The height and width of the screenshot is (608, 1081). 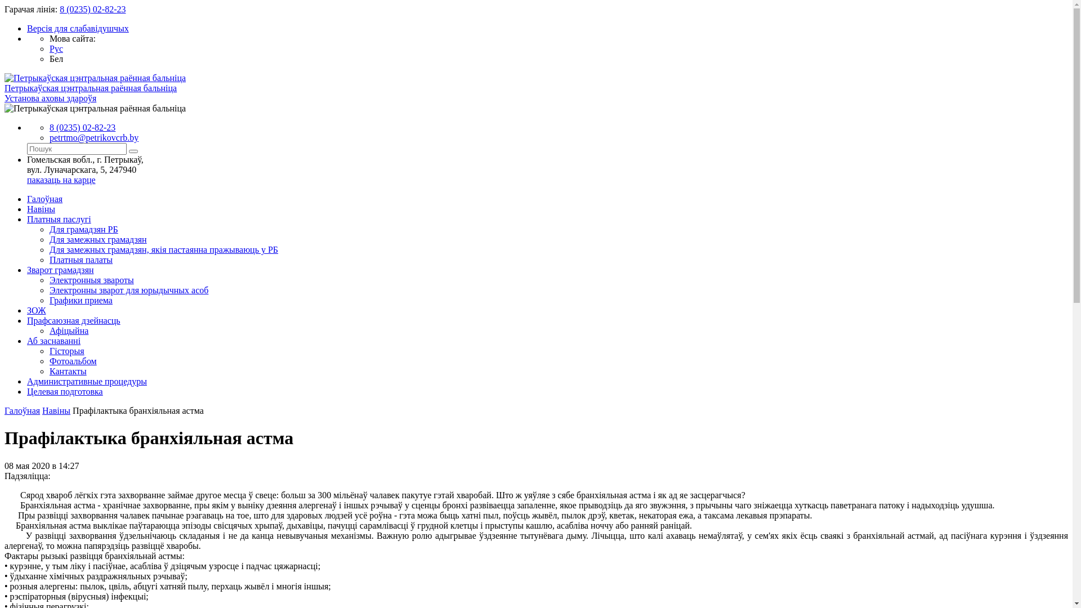 I want to click on 'petrtmo@petrikovcrb.by', so click(x=94, y=137).